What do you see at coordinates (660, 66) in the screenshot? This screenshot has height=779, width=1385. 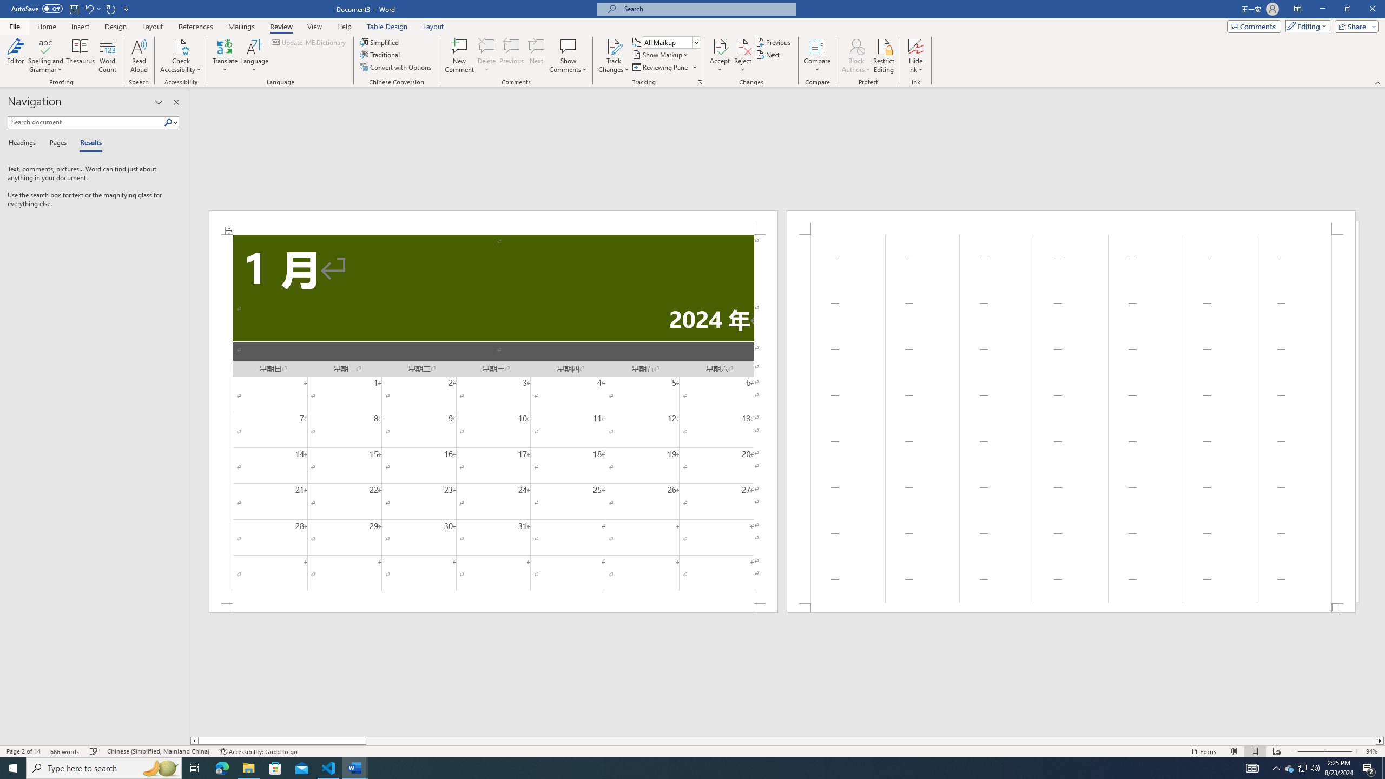 I see `'Reviewing Pane'` at bounding box center [660, 66].